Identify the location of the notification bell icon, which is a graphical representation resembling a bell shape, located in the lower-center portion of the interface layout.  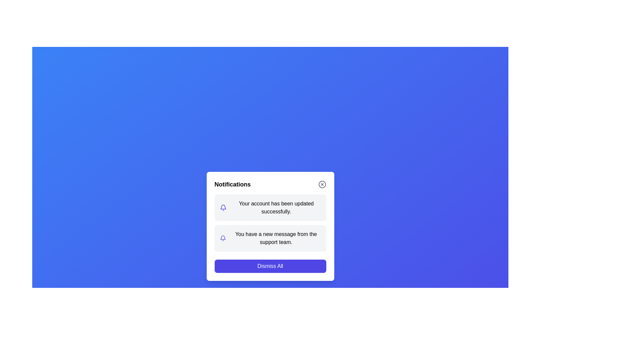
(223, 206).